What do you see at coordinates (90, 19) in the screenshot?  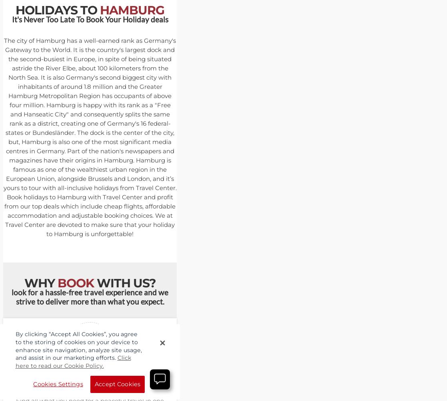 I see `'It's Never Too Late To Book Your Holiday deals'` at bounding box center [90, 19].